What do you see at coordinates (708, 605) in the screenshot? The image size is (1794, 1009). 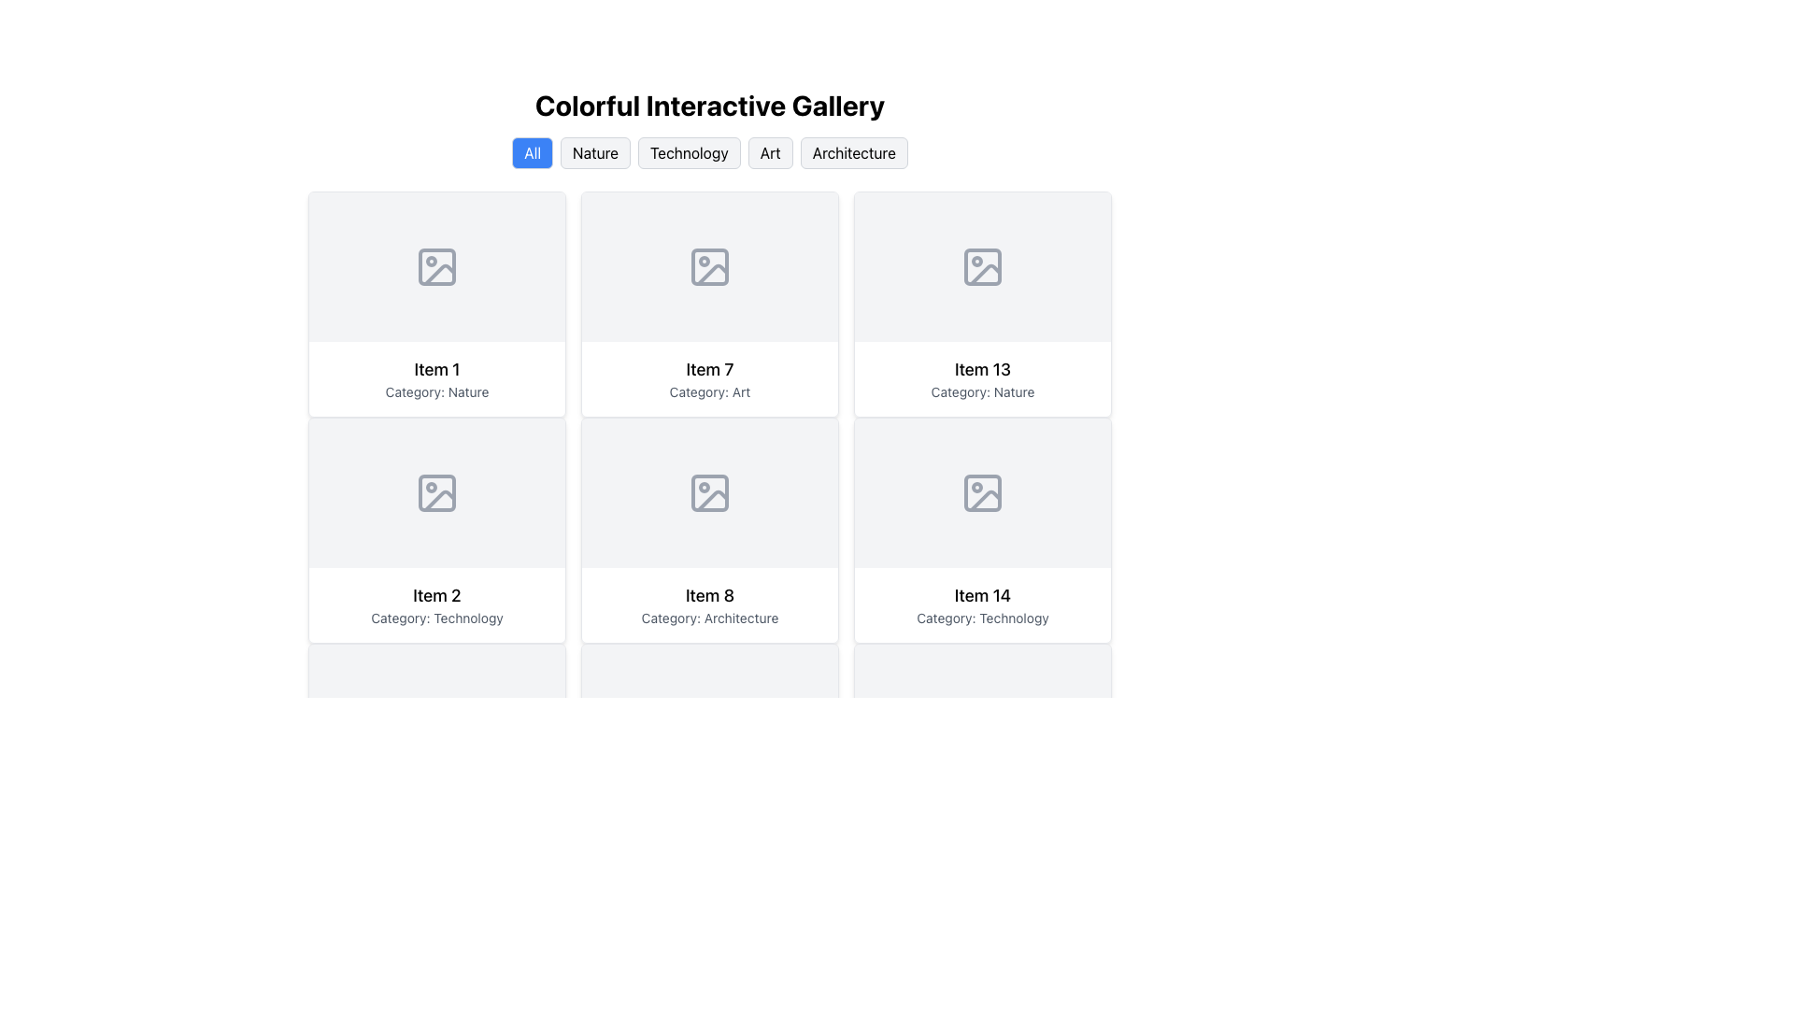 I see `the Text Block labeled 'Item 8' which displays the category 'Architecture' underneath it, located at the bottom row of a grid layout` at bounding box center [708, 605].